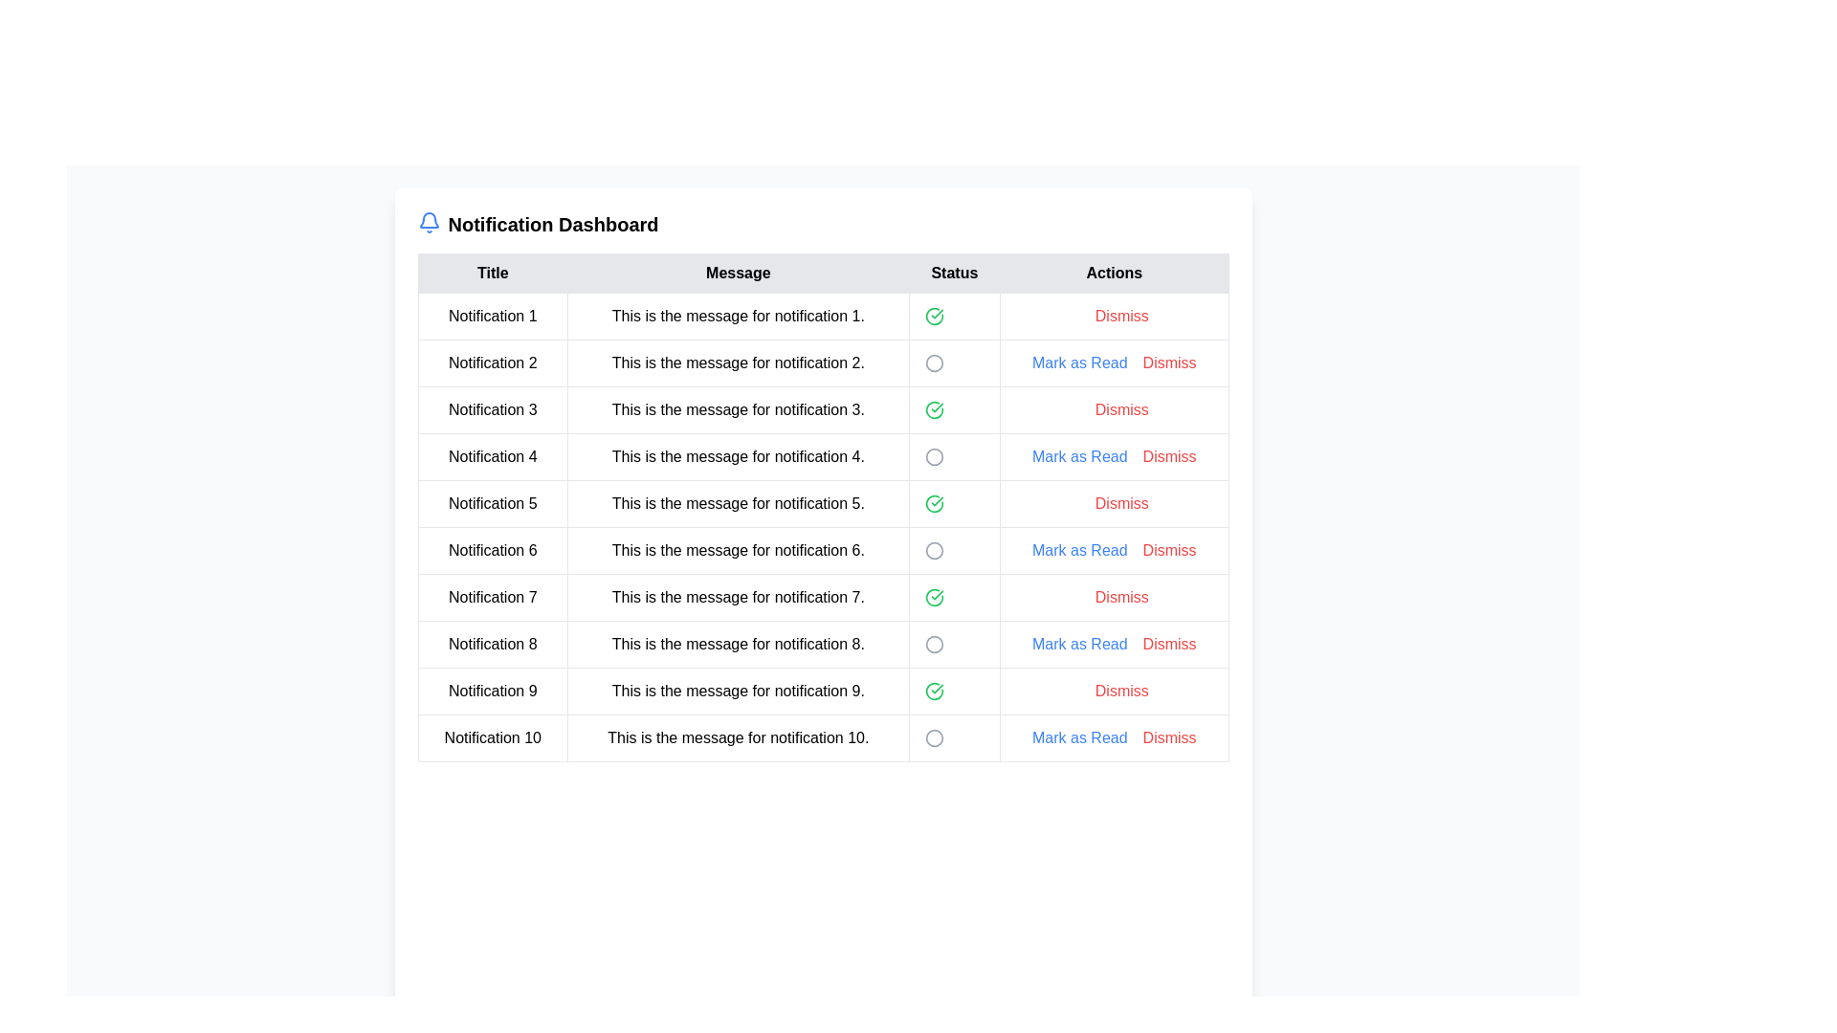  What do you see at coordinates (1168, 457) in the screenshot?
I see `the hyperlink in the fourth row of the table under the 'Actions' column` at bounding box center [1168, 457].